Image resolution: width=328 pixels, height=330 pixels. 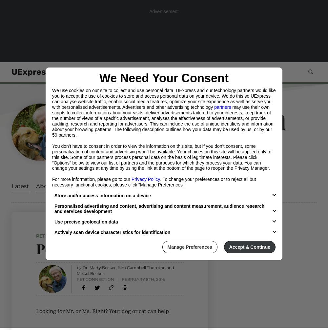 What do you see at coordinates (45, 186) in the screenshot?
I see `'about'` at bounding box center [45, 186].